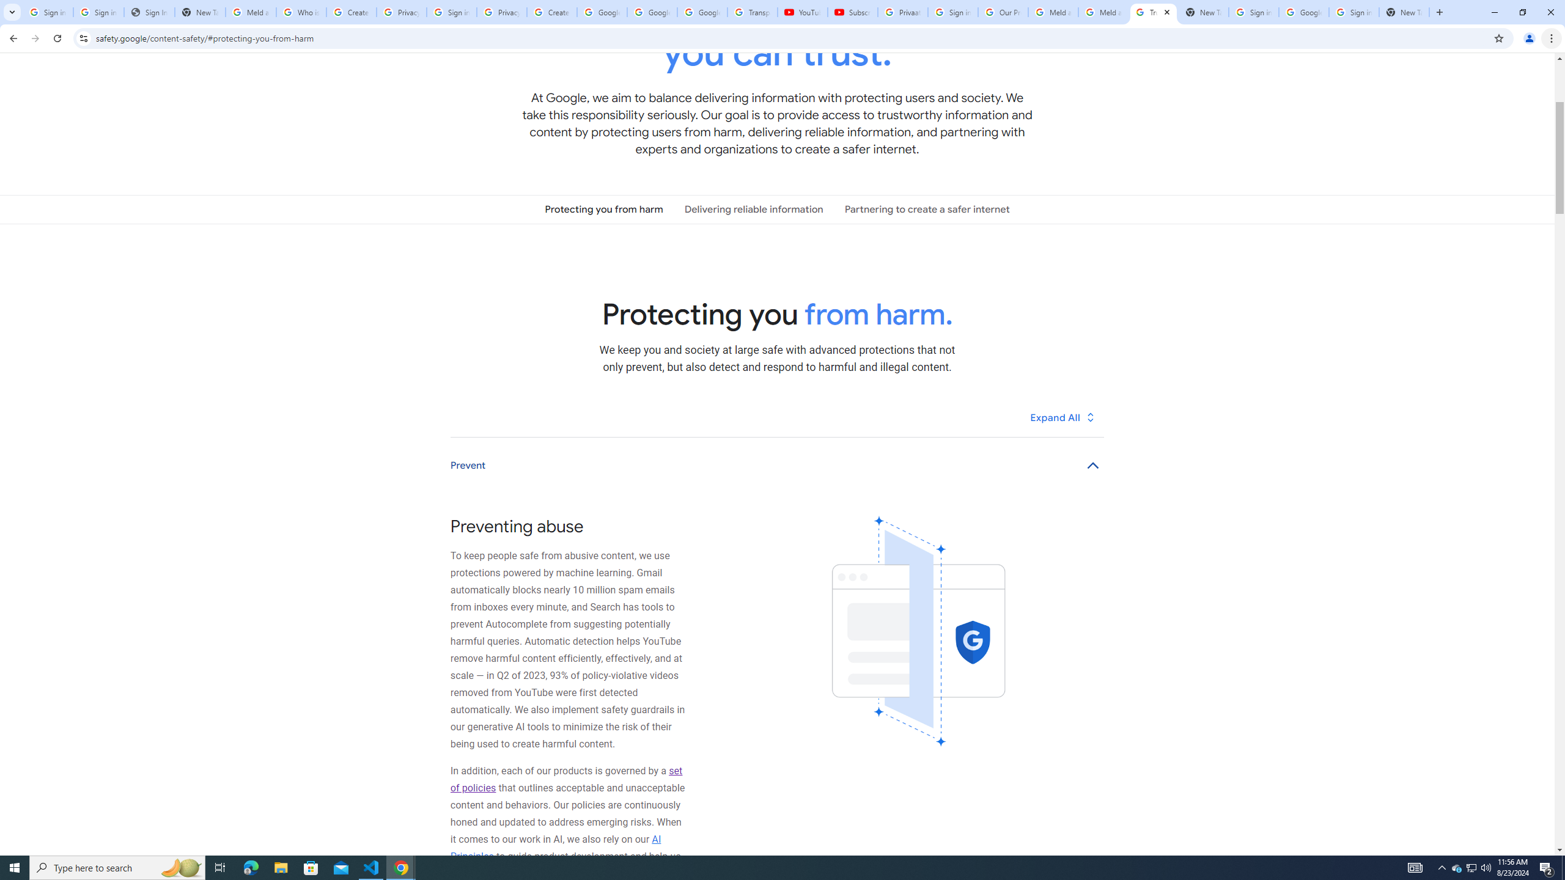  Describe the element at coordinates (565, 779) in the screenshot. I see `'set of policies'` at that location.